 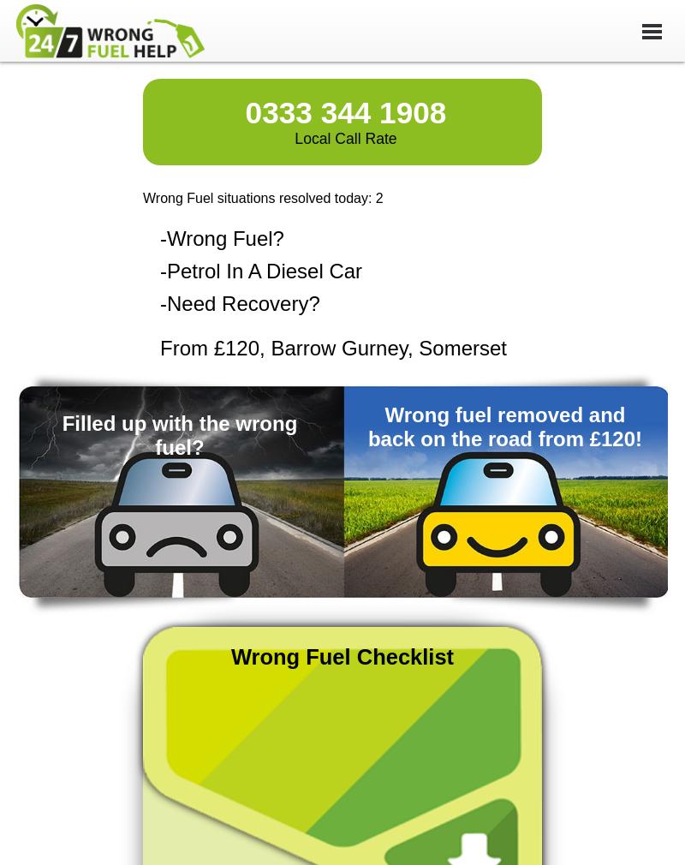 I want to click on 'Local Call Rate', so click(x=345, y=138).